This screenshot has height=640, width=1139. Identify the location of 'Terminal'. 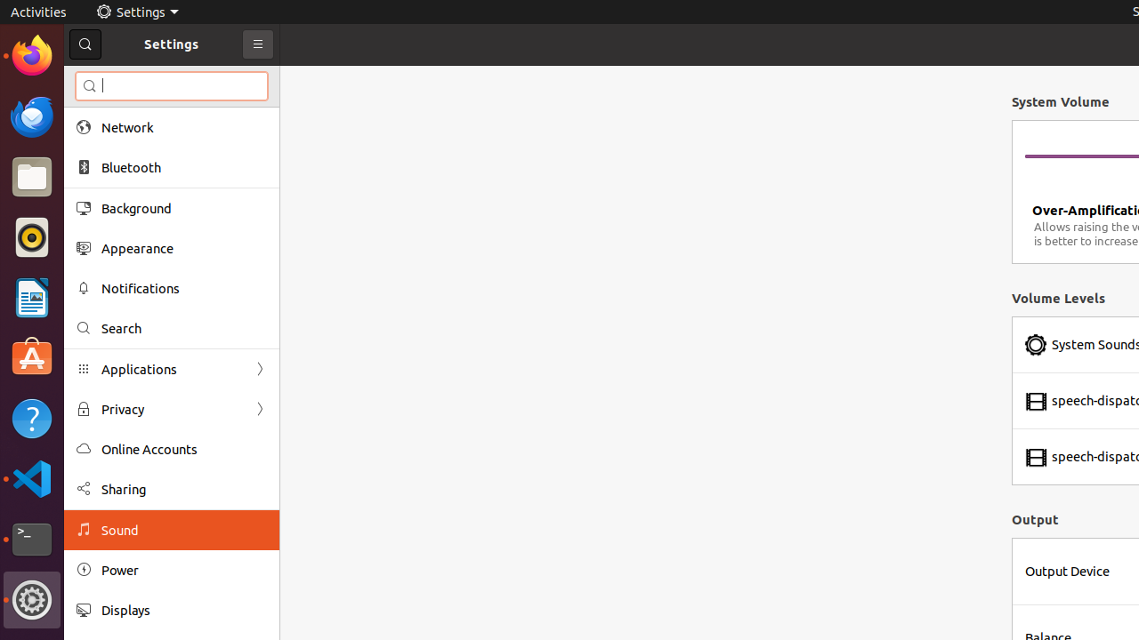
(31, 539).